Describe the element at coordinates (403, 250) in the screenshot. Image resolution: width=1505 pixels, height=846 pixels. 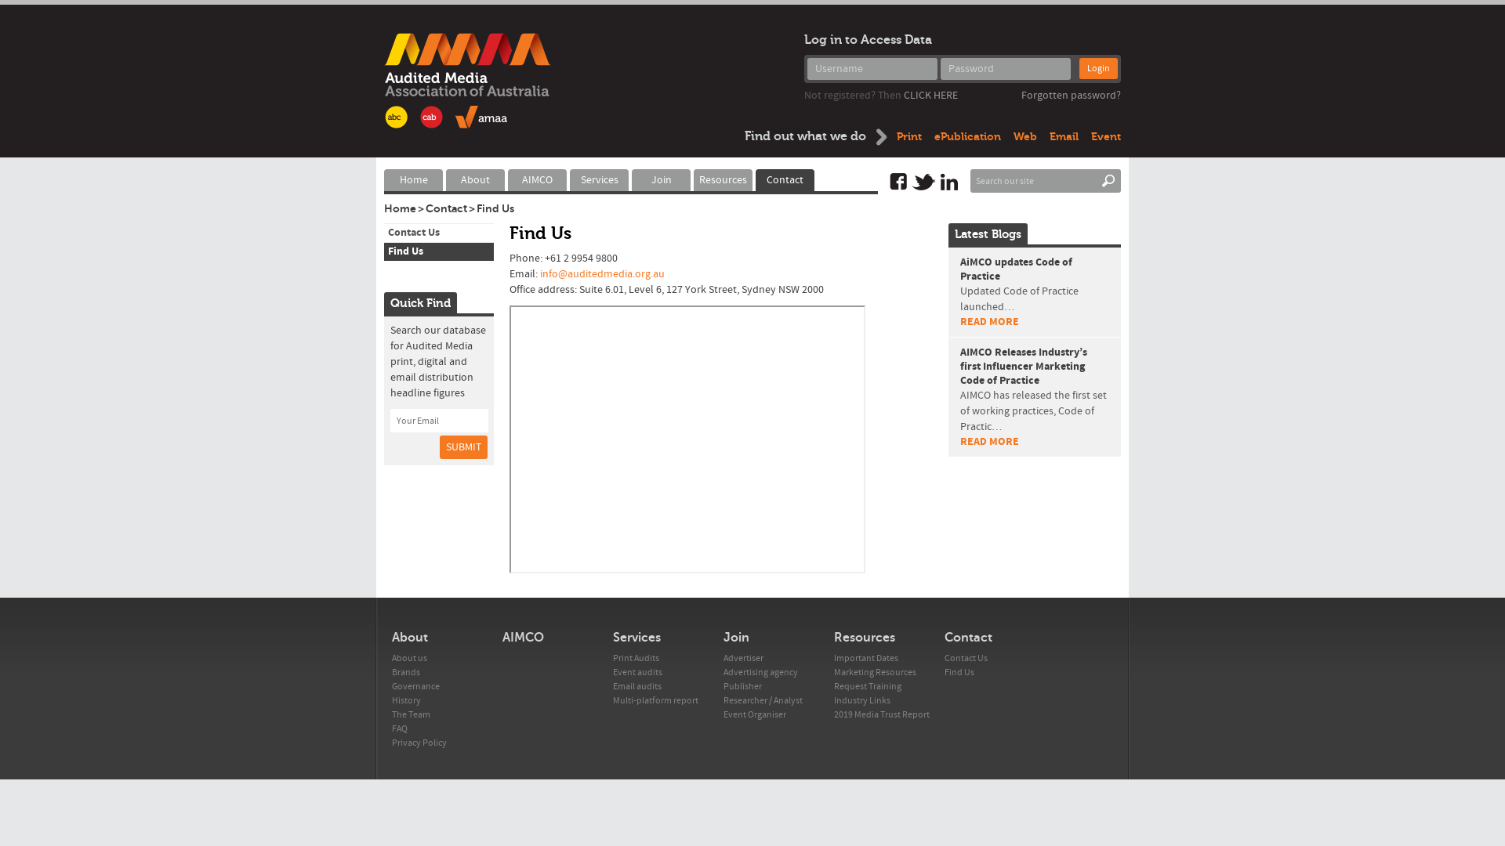
I see `'Find Us'` at that location.